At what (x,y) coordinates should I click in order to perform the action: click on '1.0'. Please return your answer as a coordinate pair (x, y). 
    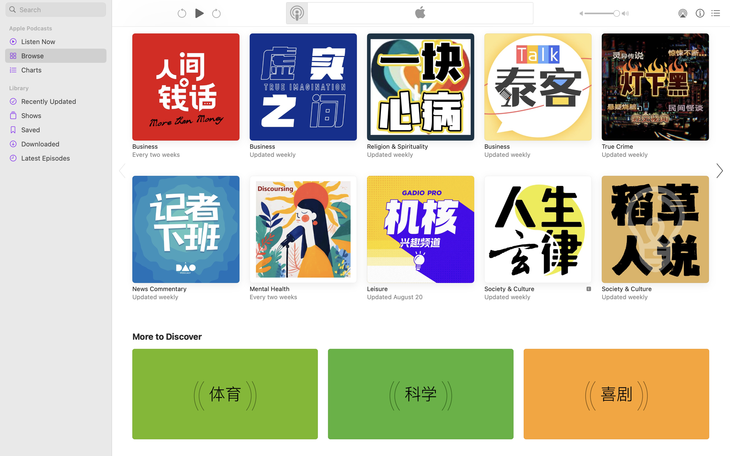
    Looking at the image, I should click on (602, 13).